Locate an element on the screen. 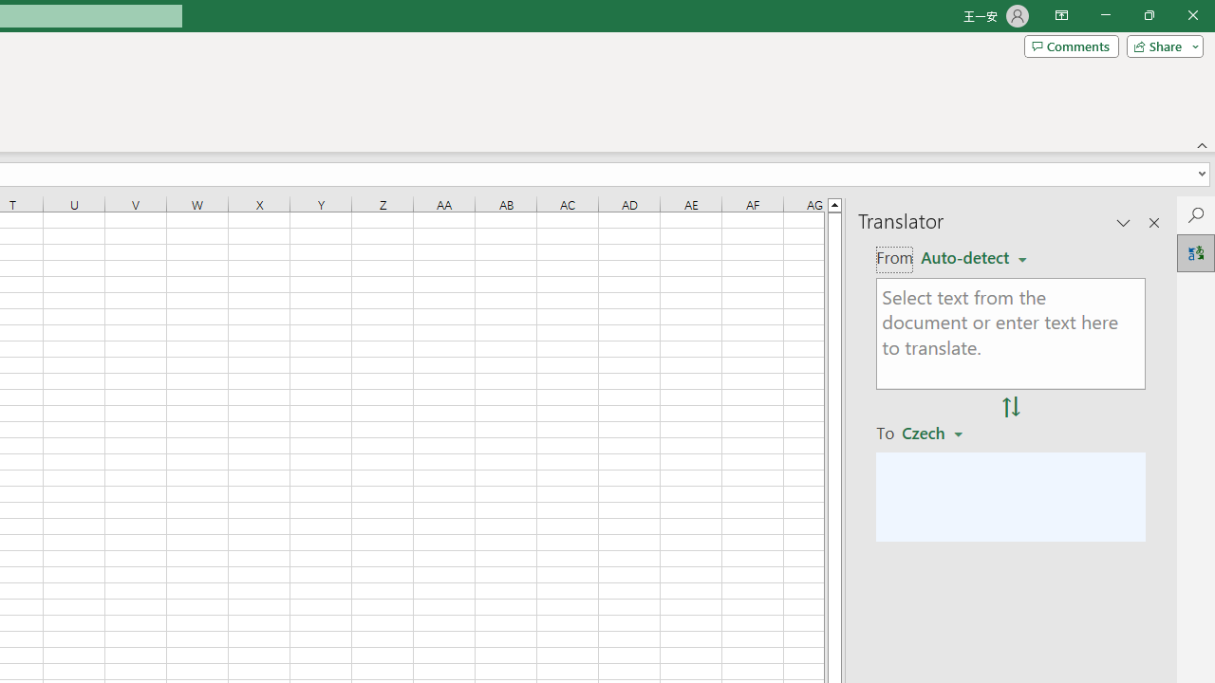 The image size is (1215, 683). 'English' is located at coordinates (973, 258).